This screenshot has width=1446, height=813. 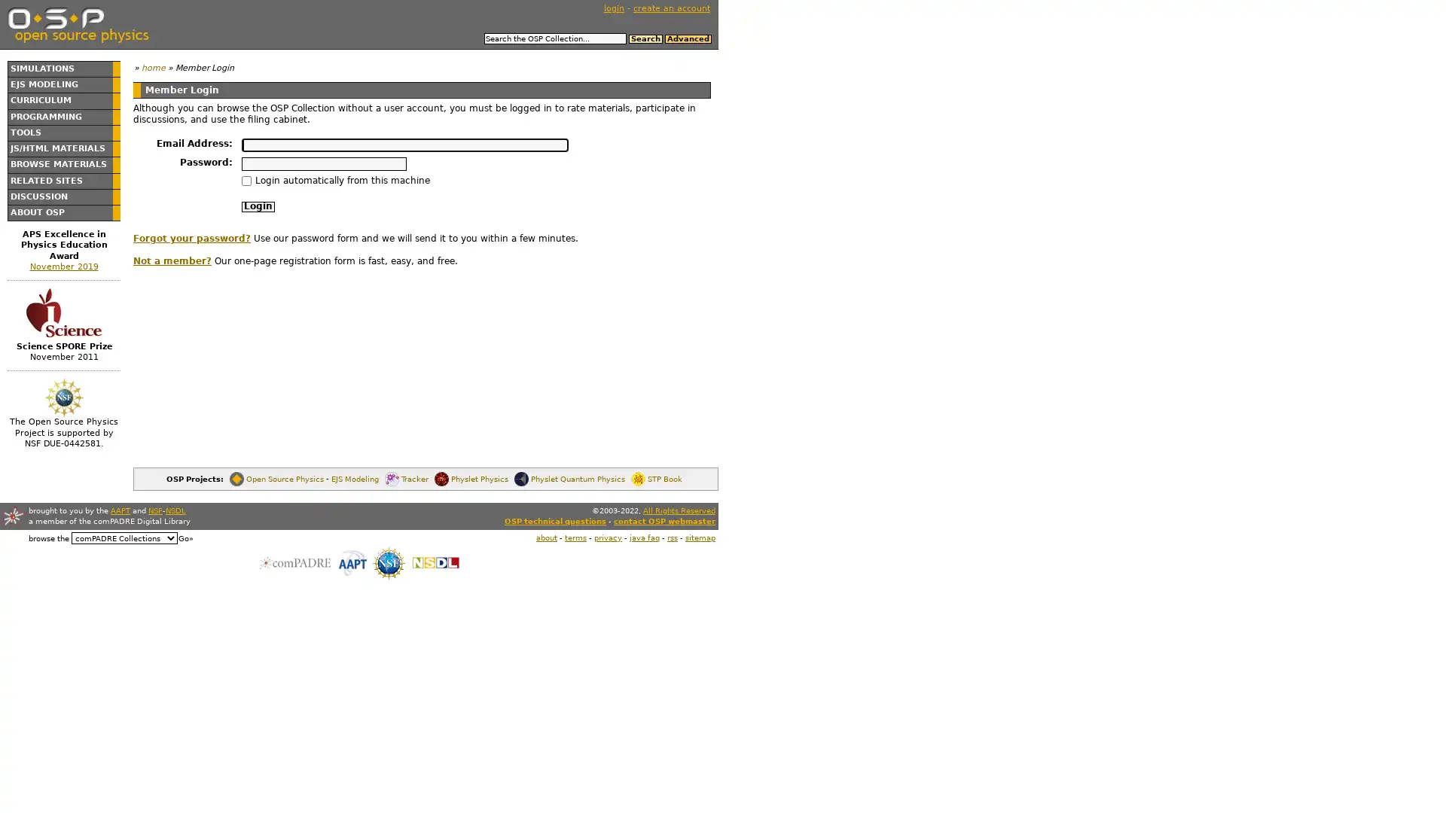 I want to click on Go, so click(x=185, y=537).